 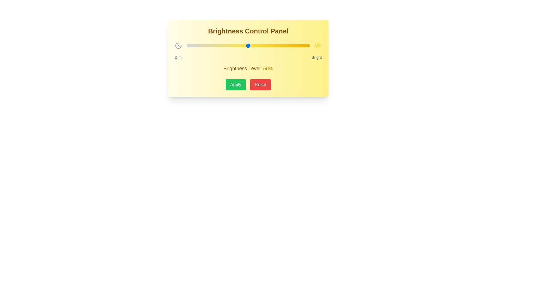 I want to click on the 'Apply' button to apply the brightness setting, so click(x=235, y=85).